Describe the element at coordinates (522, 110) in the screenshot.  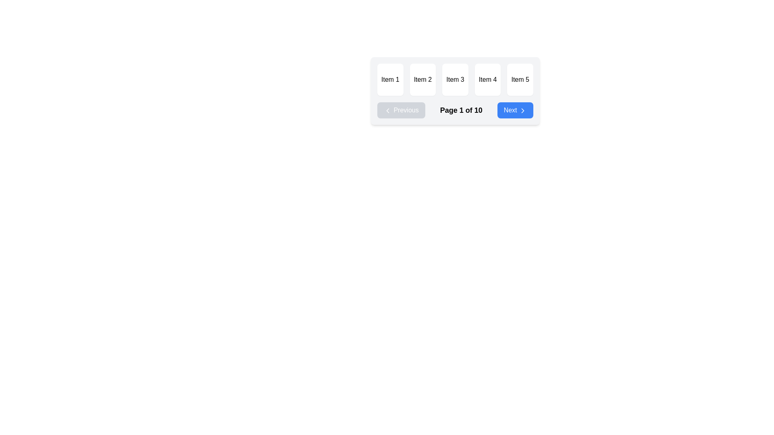
I see `the arrow icon inside the 'Next' button` at that location.